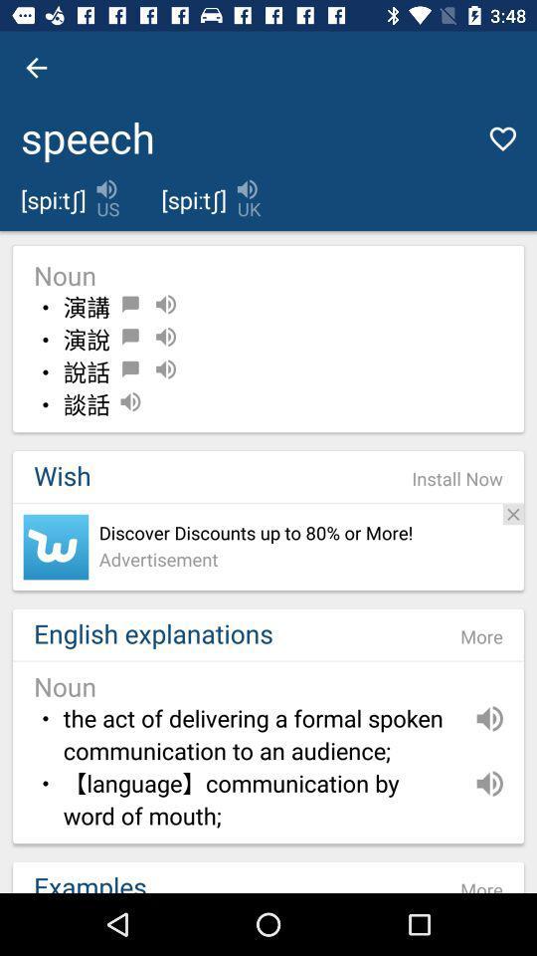  What do you see at coordinates (457, 478) in the screenshot?
I see `icon below the noun item` at bounding box center [457, 478].